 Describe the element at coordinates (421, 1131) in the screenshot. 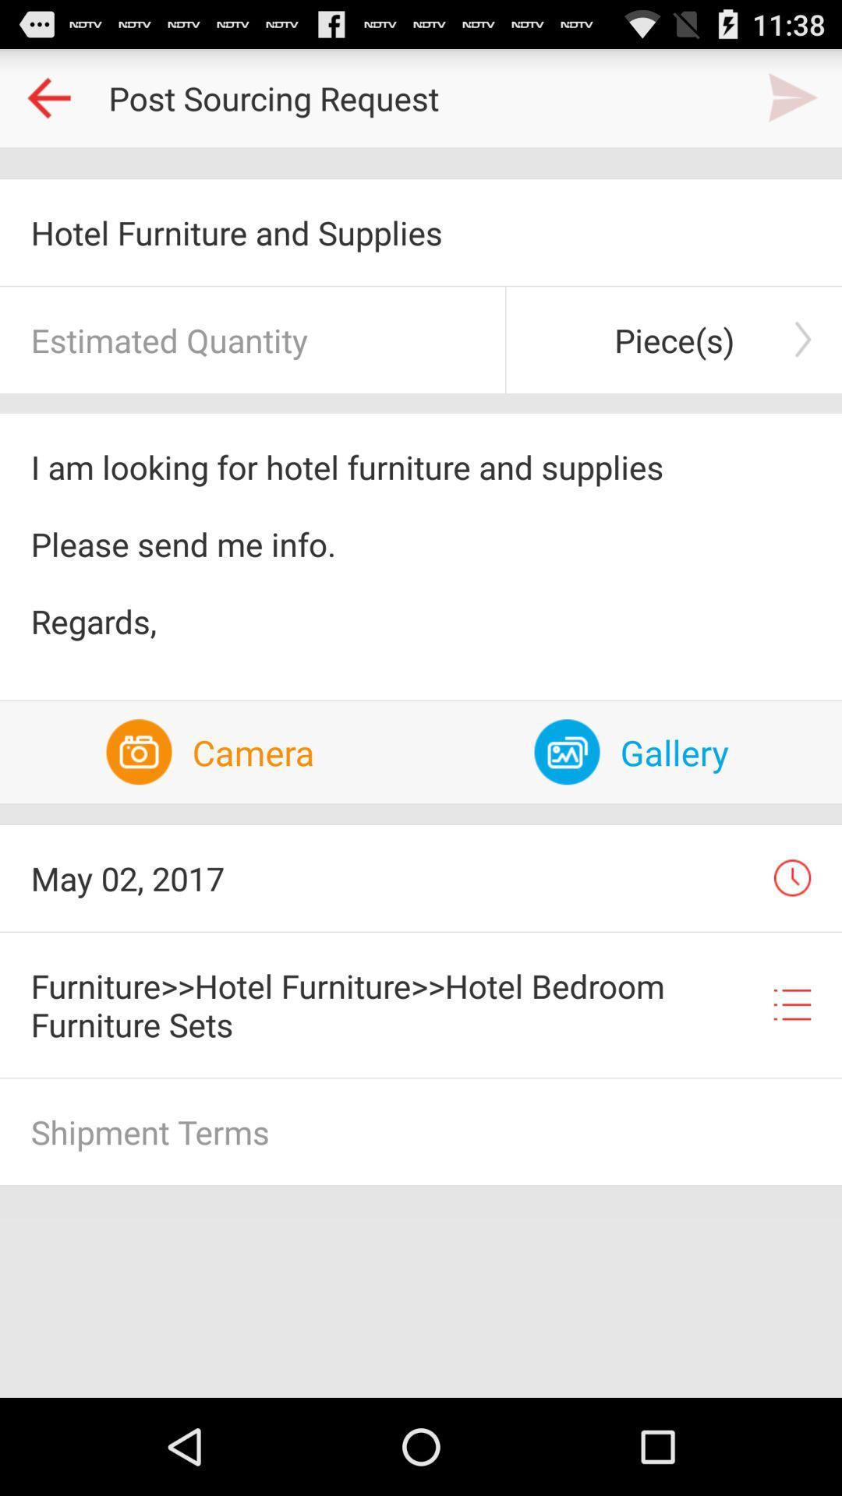

I see `see shipment terns` at that location.